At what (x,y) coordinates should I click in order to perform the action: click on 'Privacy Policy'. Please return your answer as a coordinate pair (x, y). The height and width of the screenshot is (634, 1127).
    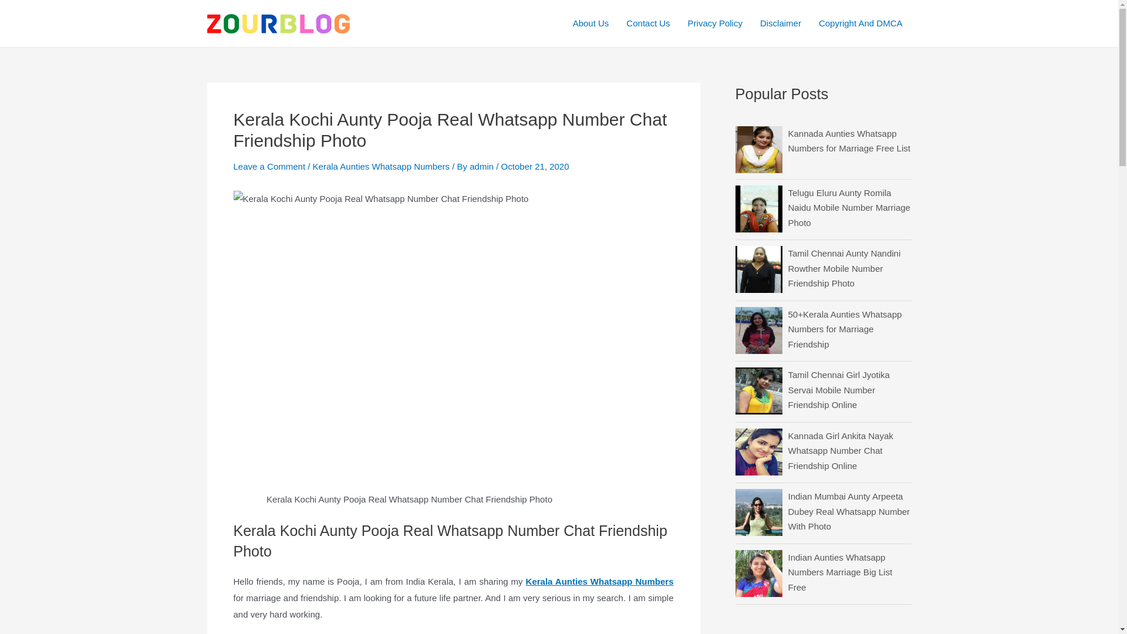
    Looking at the image, I should click on (679, 23).